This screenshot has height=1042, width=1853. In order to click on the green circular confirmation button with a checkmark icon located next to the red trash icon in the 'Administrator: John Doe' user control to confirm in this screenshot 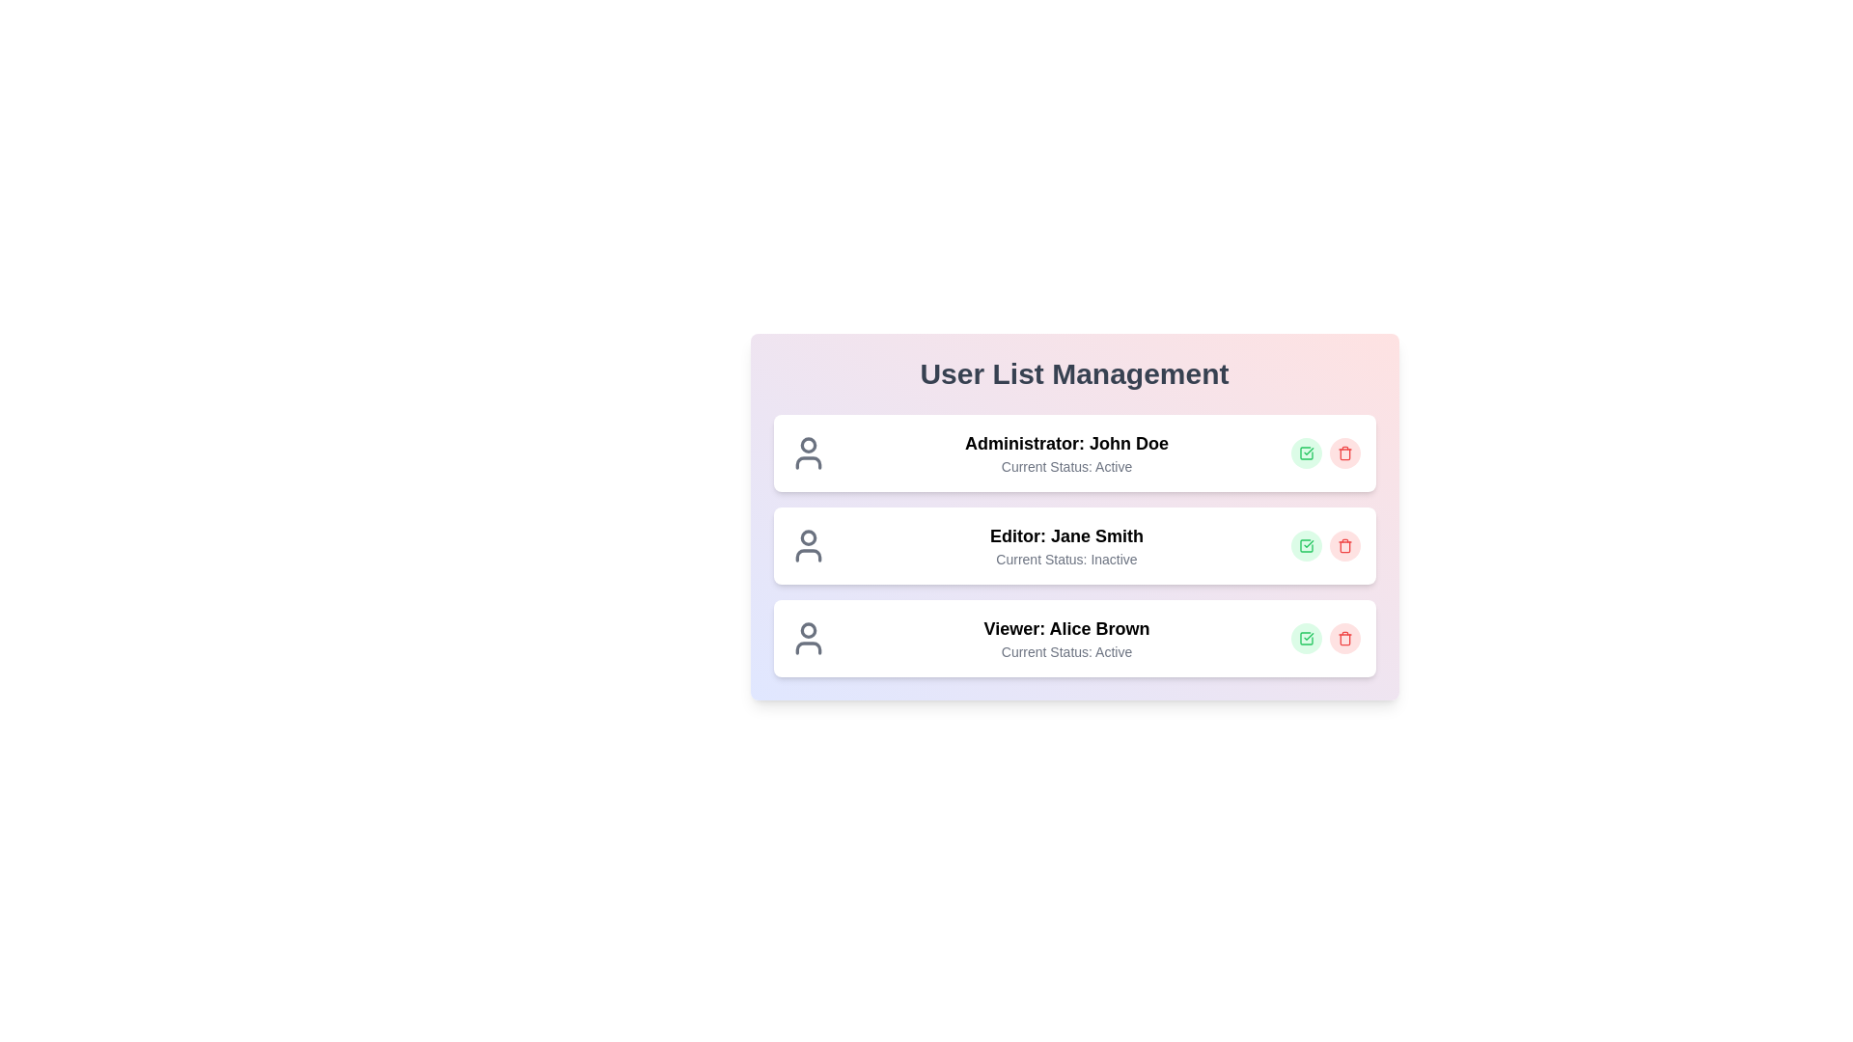, I will do `click(1306, 453)`.